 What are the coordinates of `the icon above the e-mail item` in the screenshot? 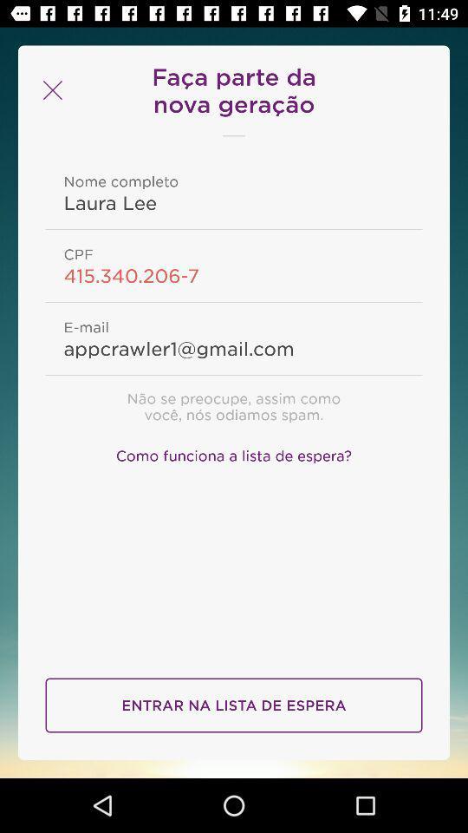 It's located at (234, 275).